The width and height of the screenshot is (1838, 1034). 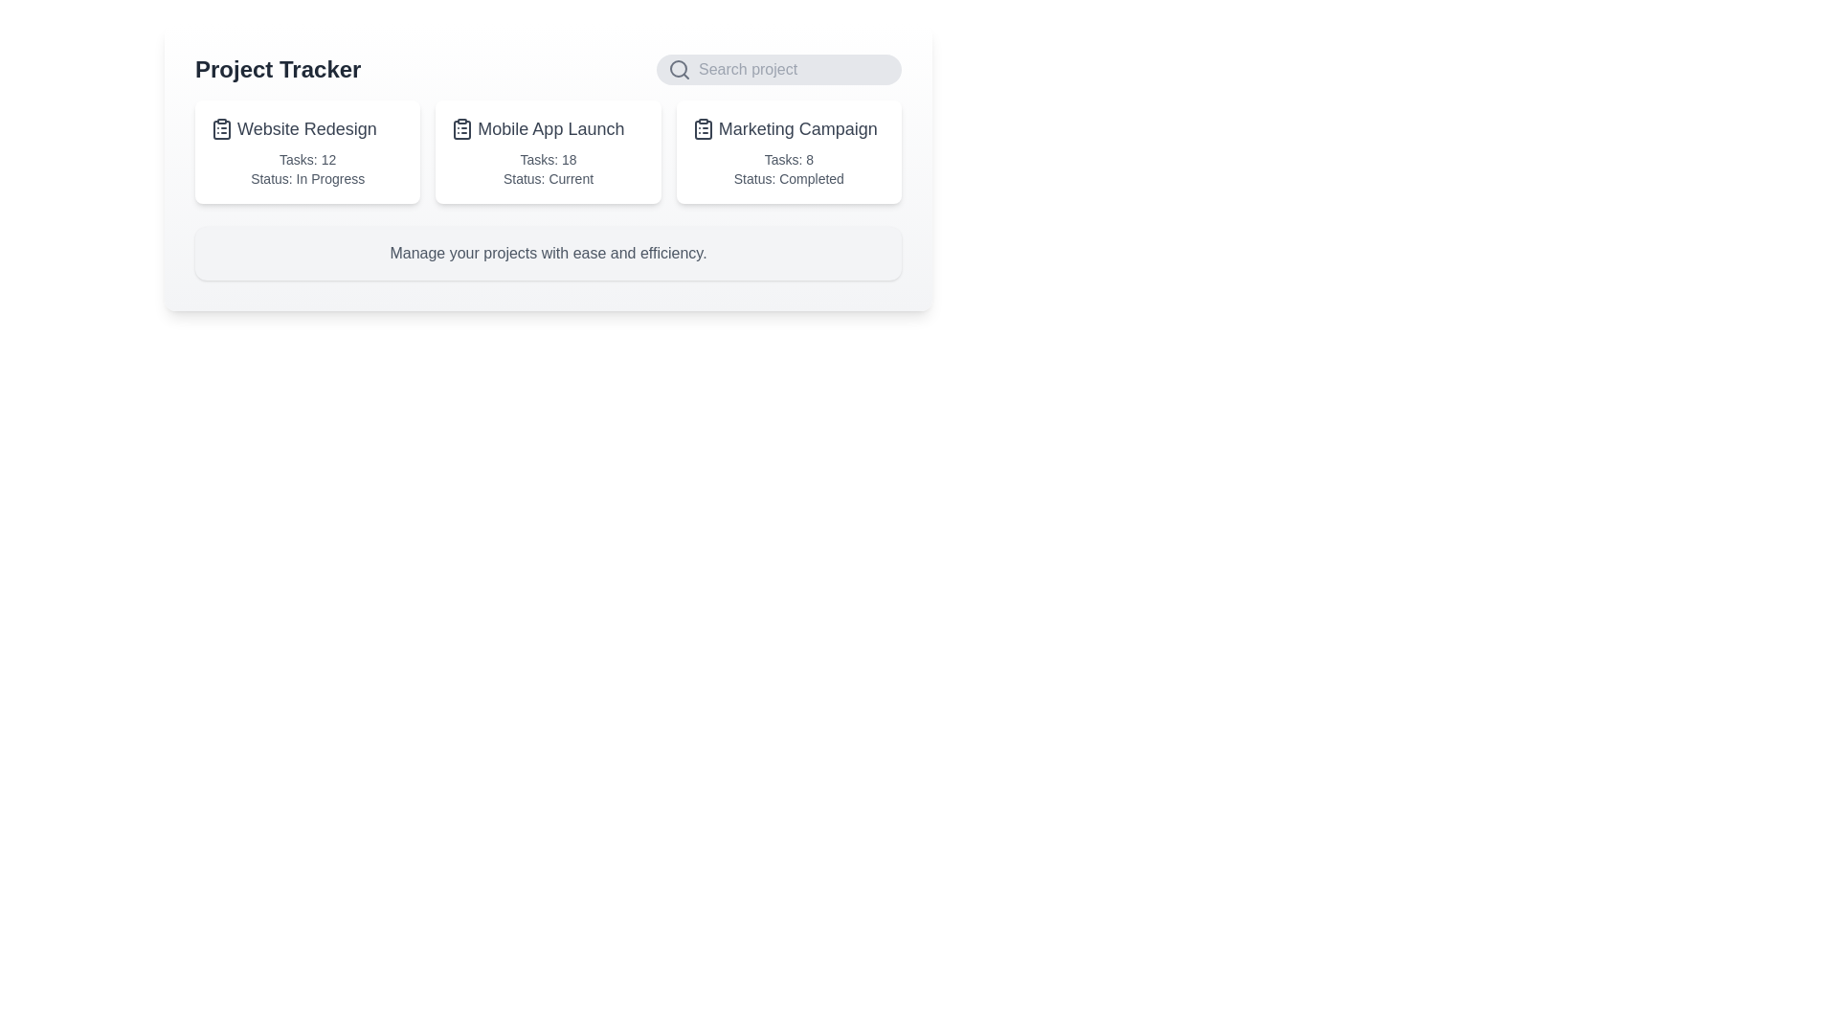 I want to click on the project task summary card located in the top-left corner of the grid layout by moving the mouse cursor to its center point, so click(x=307, y=150).